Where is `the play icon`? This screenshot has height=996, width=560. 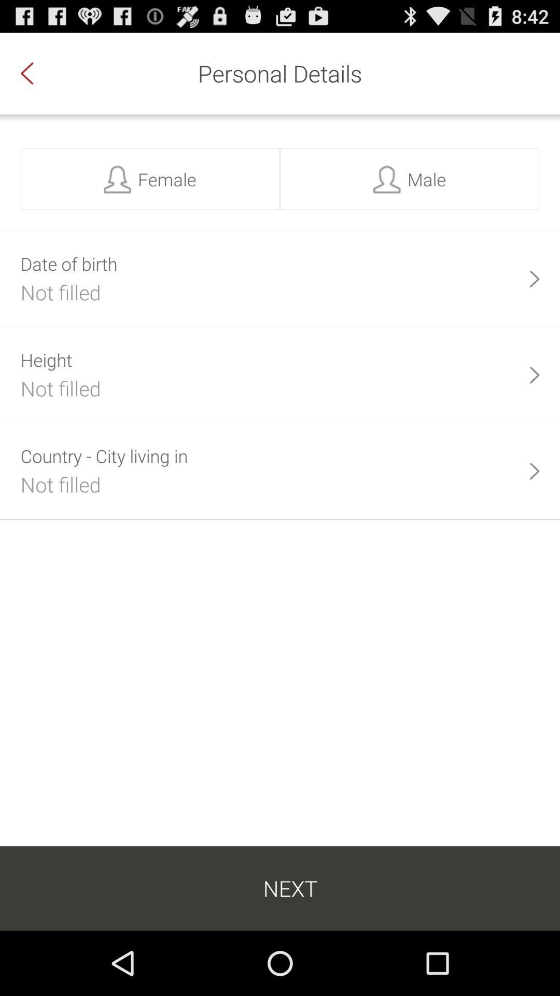
the play icon is located at coordinates (534, 504).